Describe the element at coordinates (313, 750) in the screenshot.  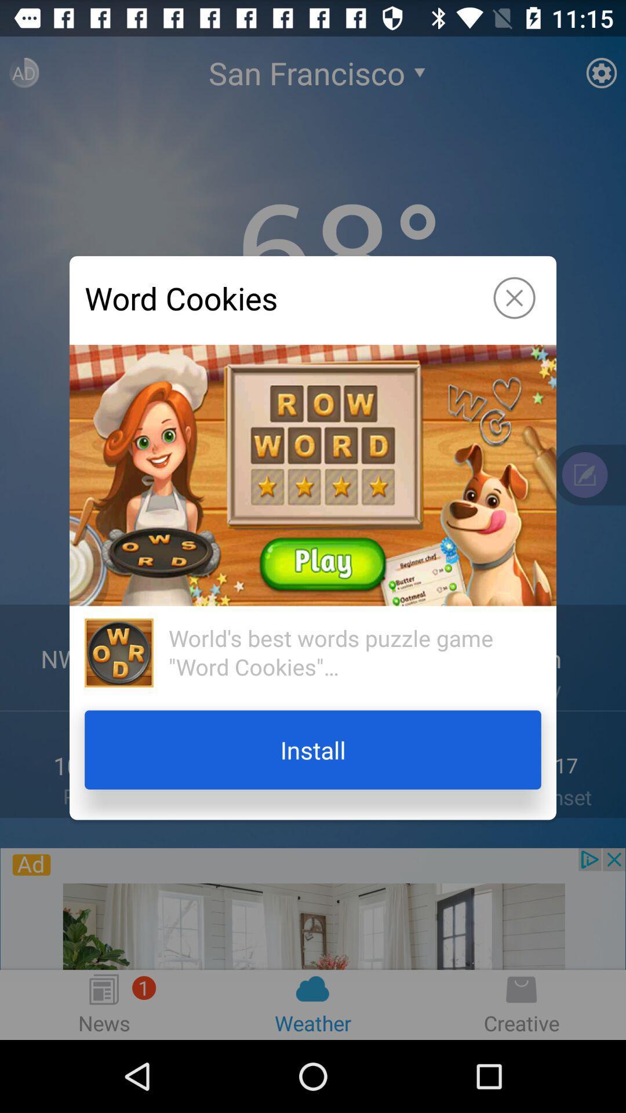
I see `install` at that location.